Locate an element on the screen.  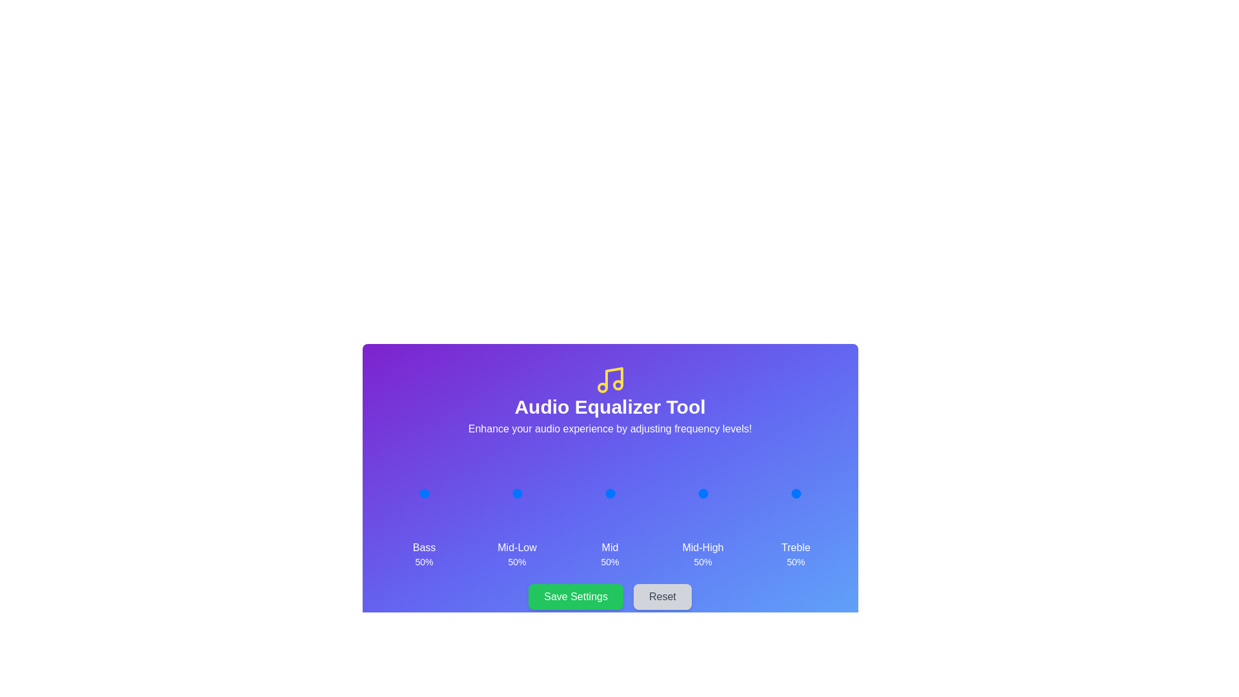
the 2 slider to 8% is located at coordinates (592, 493).